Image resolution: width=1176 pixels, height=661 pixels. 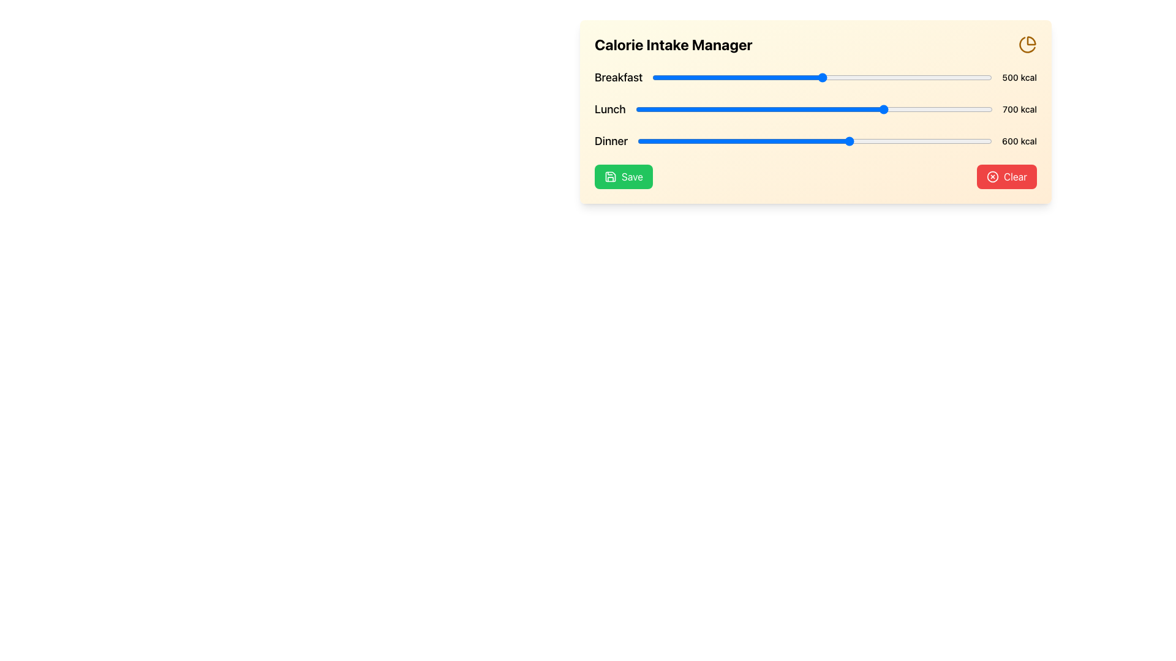 What do you see at coordinates (853, 108) in the screenshot?
I see `the lunch kcal value` at bounding box center [853, 108].